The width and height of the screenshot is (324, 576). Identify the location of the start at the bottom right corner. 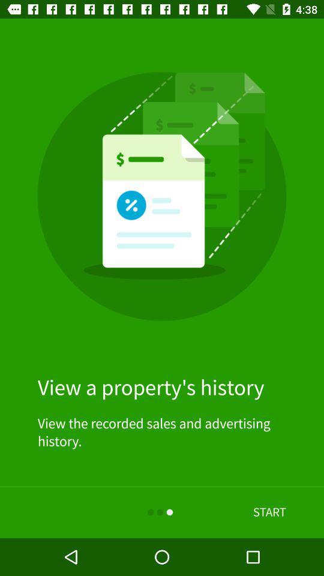
(269, 512).